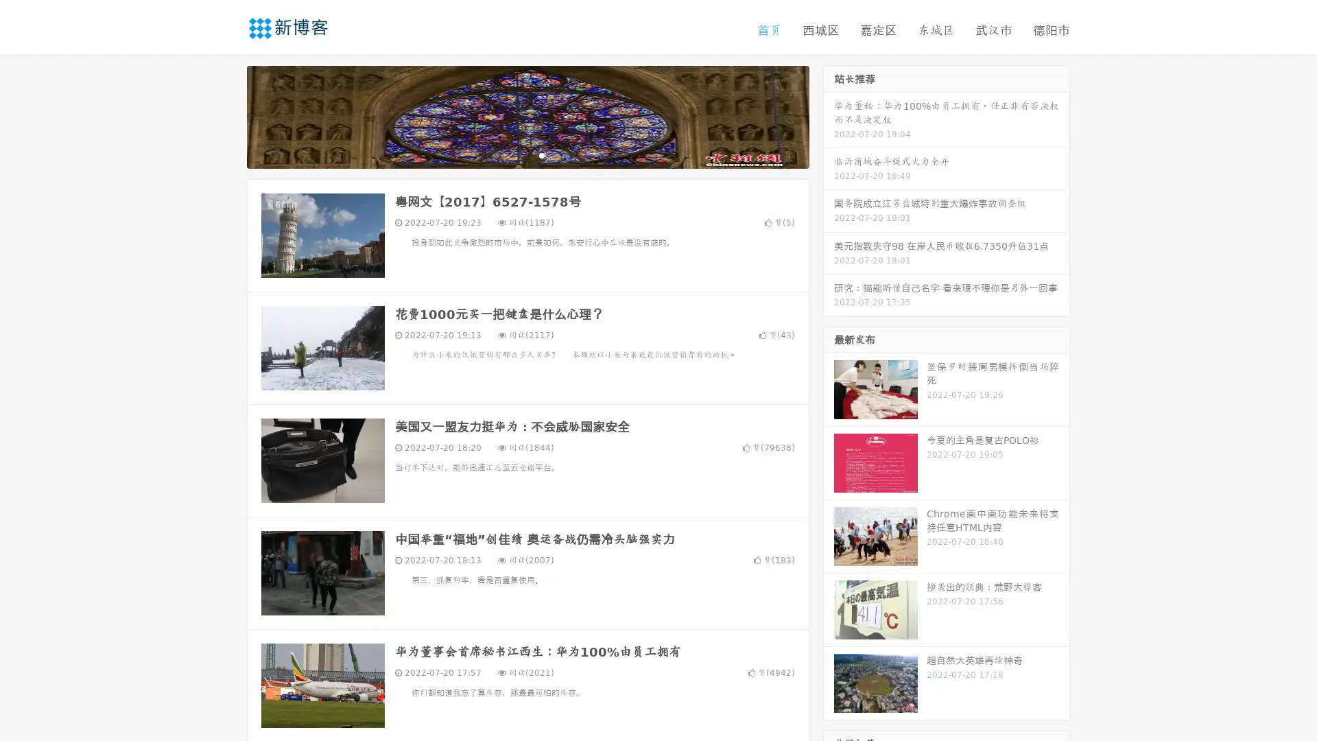 The width and height of the screenshot is (1317, 741). I want to click on Go to slide 2, so click(527, 154).